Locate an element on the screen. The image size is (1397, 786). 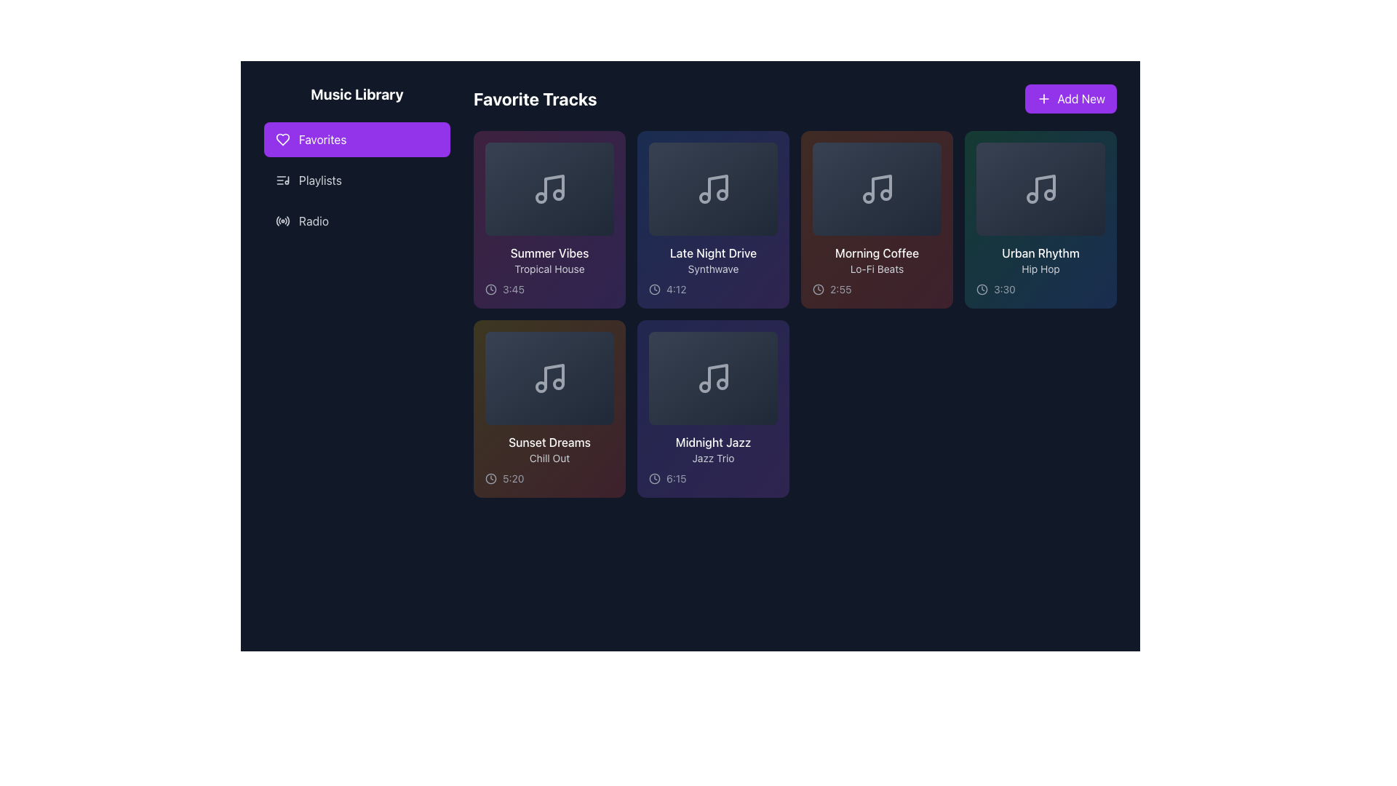
the text label displaying 'Tropical House' styled in gray, located beneath 'Summer Vibes' in the 'Favorite Tracks' section is located at coordinates (549, 269).